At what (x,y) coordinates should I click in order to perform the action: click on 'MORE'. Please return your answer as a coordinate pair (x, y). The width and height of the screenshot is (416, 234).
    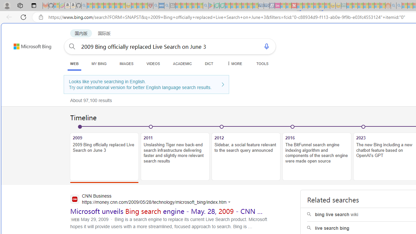
    Looking at the image, I should click on (234, 63).